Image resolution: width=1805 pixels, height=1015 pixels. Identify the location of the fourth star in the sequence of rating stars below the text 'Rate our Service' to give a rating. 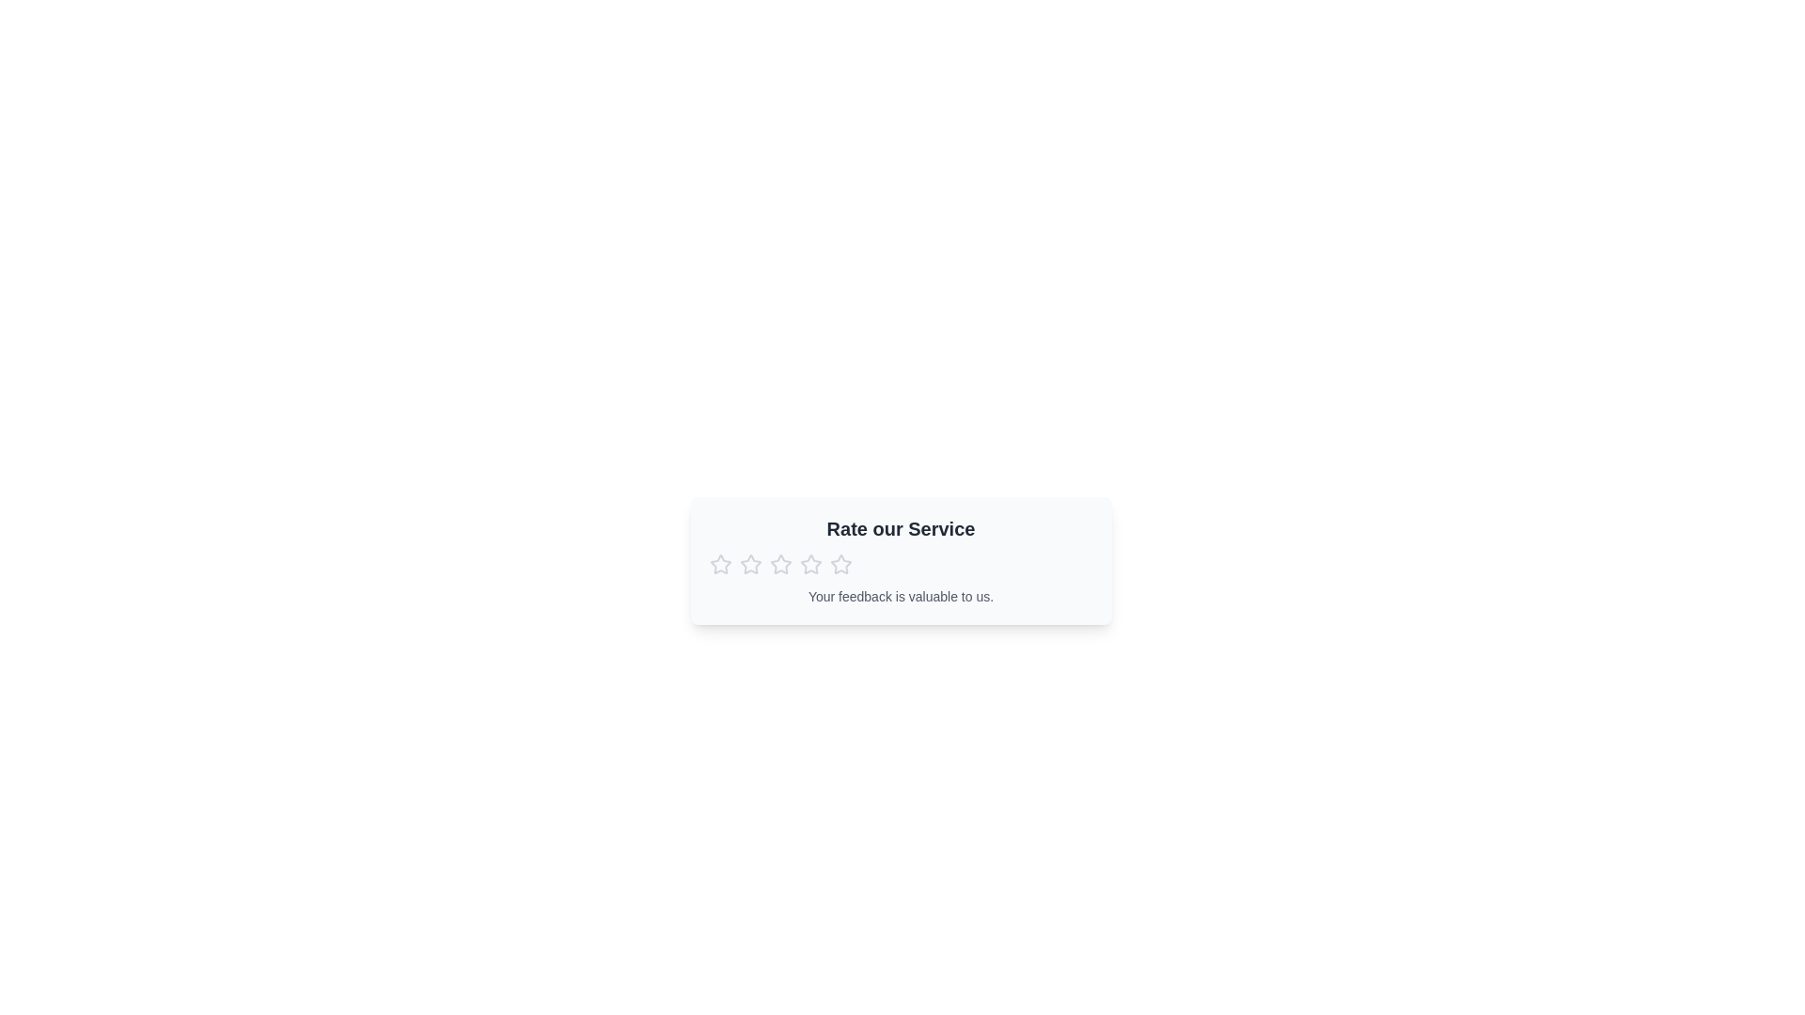
(840, 564).